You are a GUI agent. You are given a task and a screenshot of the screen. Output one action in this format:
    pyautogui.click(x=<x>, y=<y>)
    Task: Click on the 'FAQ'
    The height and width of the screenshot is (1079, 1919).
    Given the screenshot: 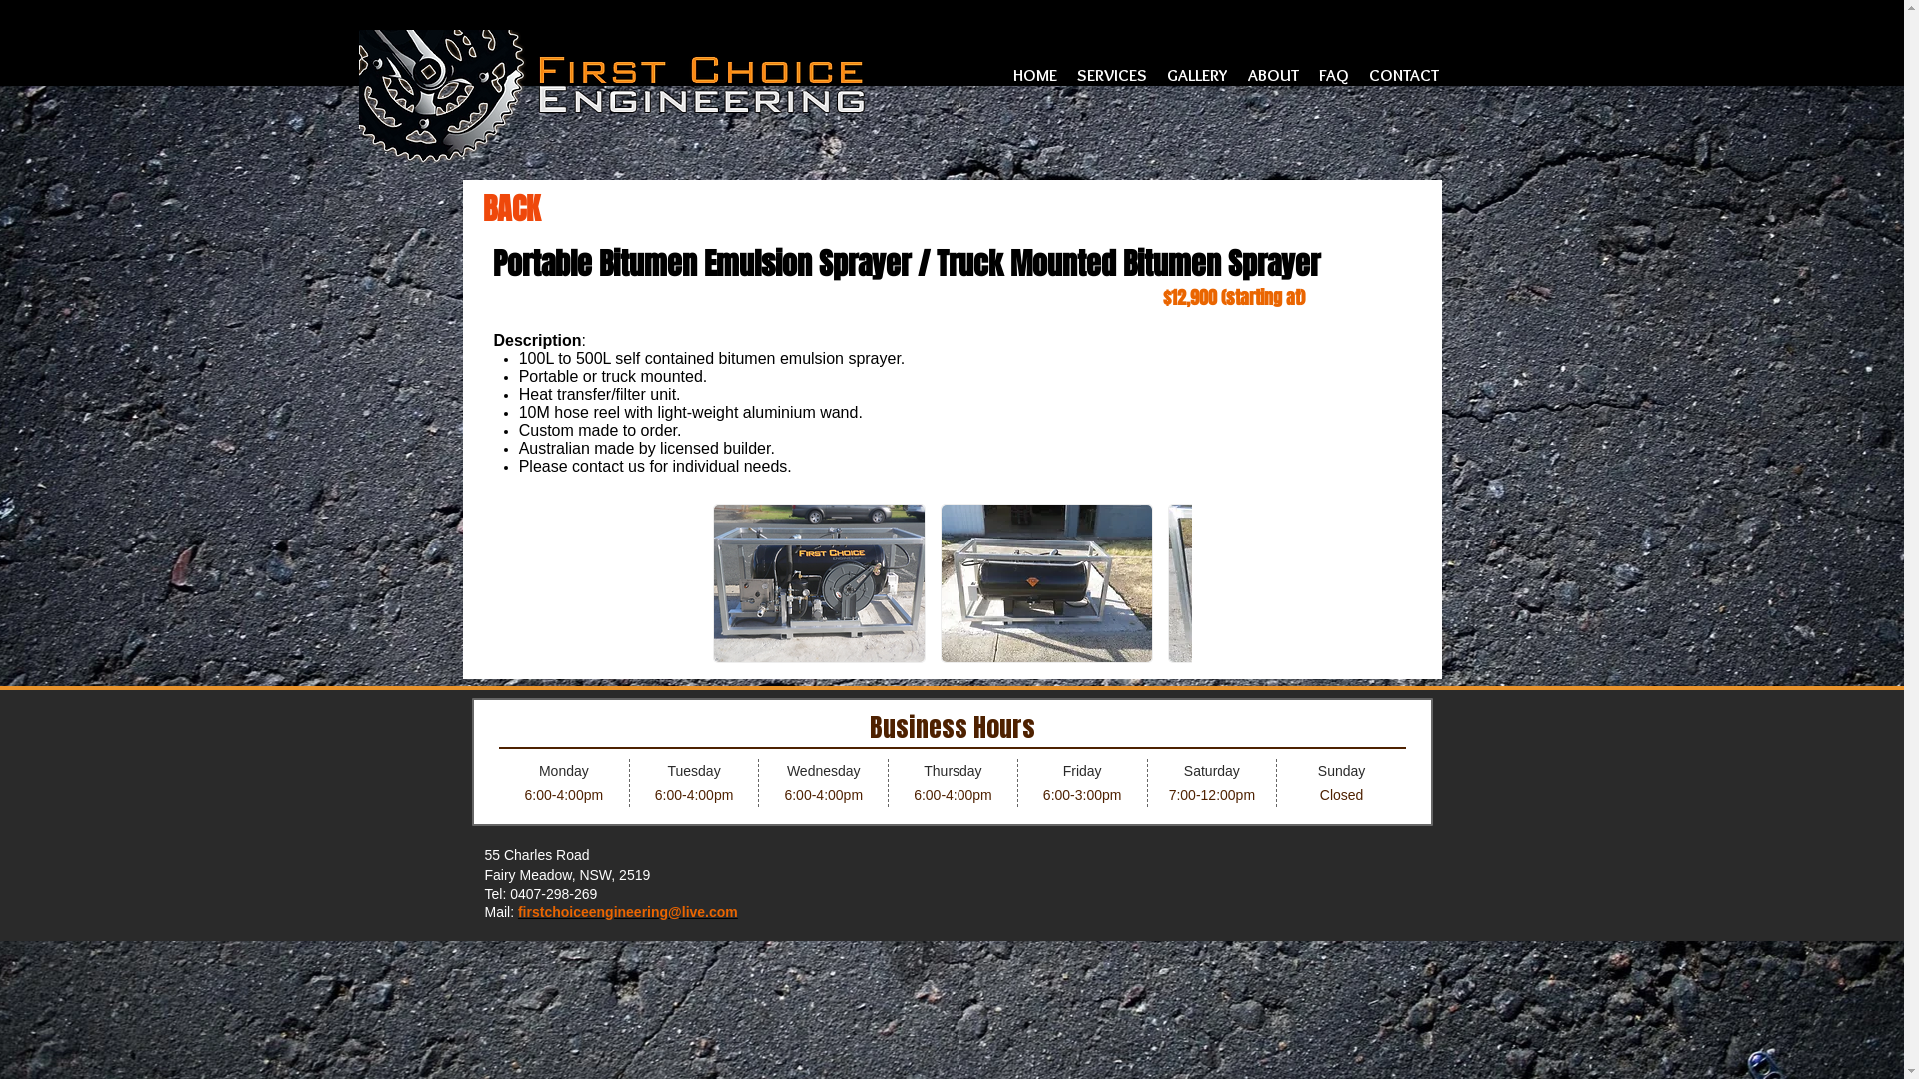 What is the action you would take?
    pyautogui.click(x=1333, y=73)
    